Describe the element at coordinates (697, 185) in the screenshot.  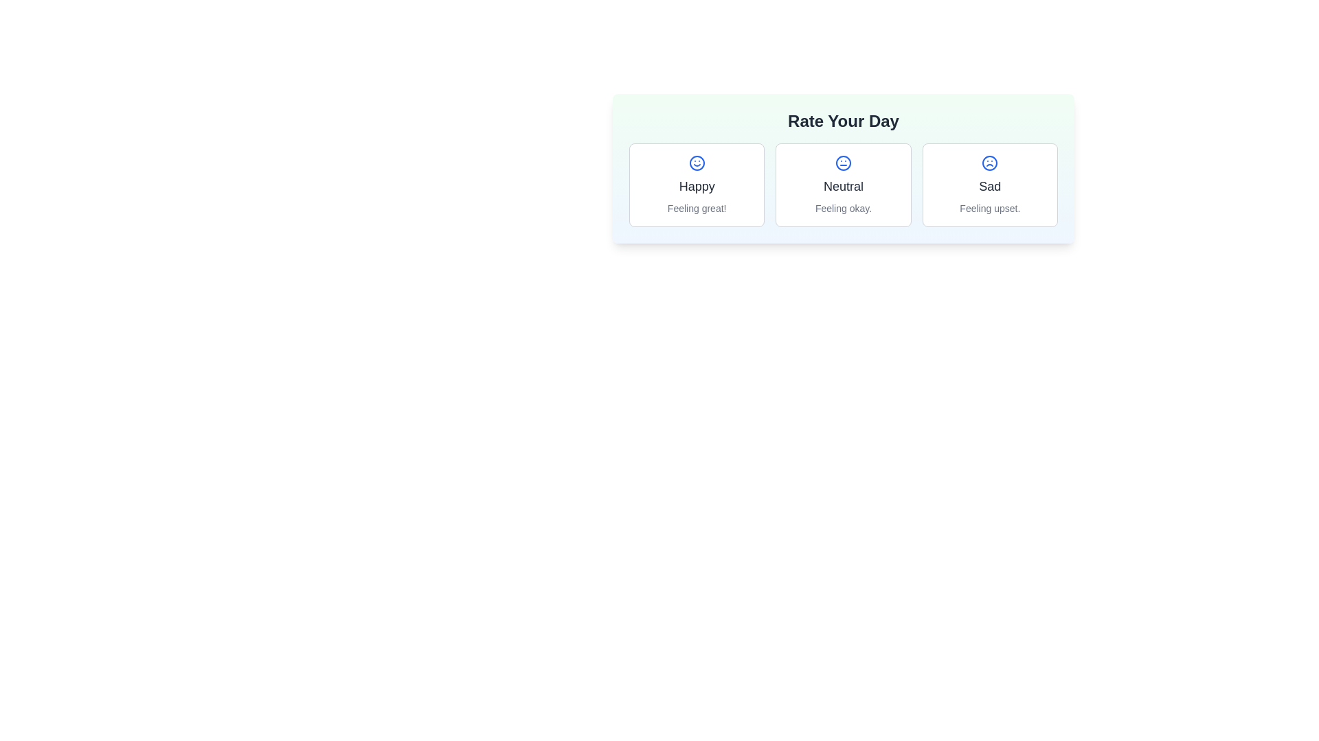
I see `the Mood selection button or card` at that location.